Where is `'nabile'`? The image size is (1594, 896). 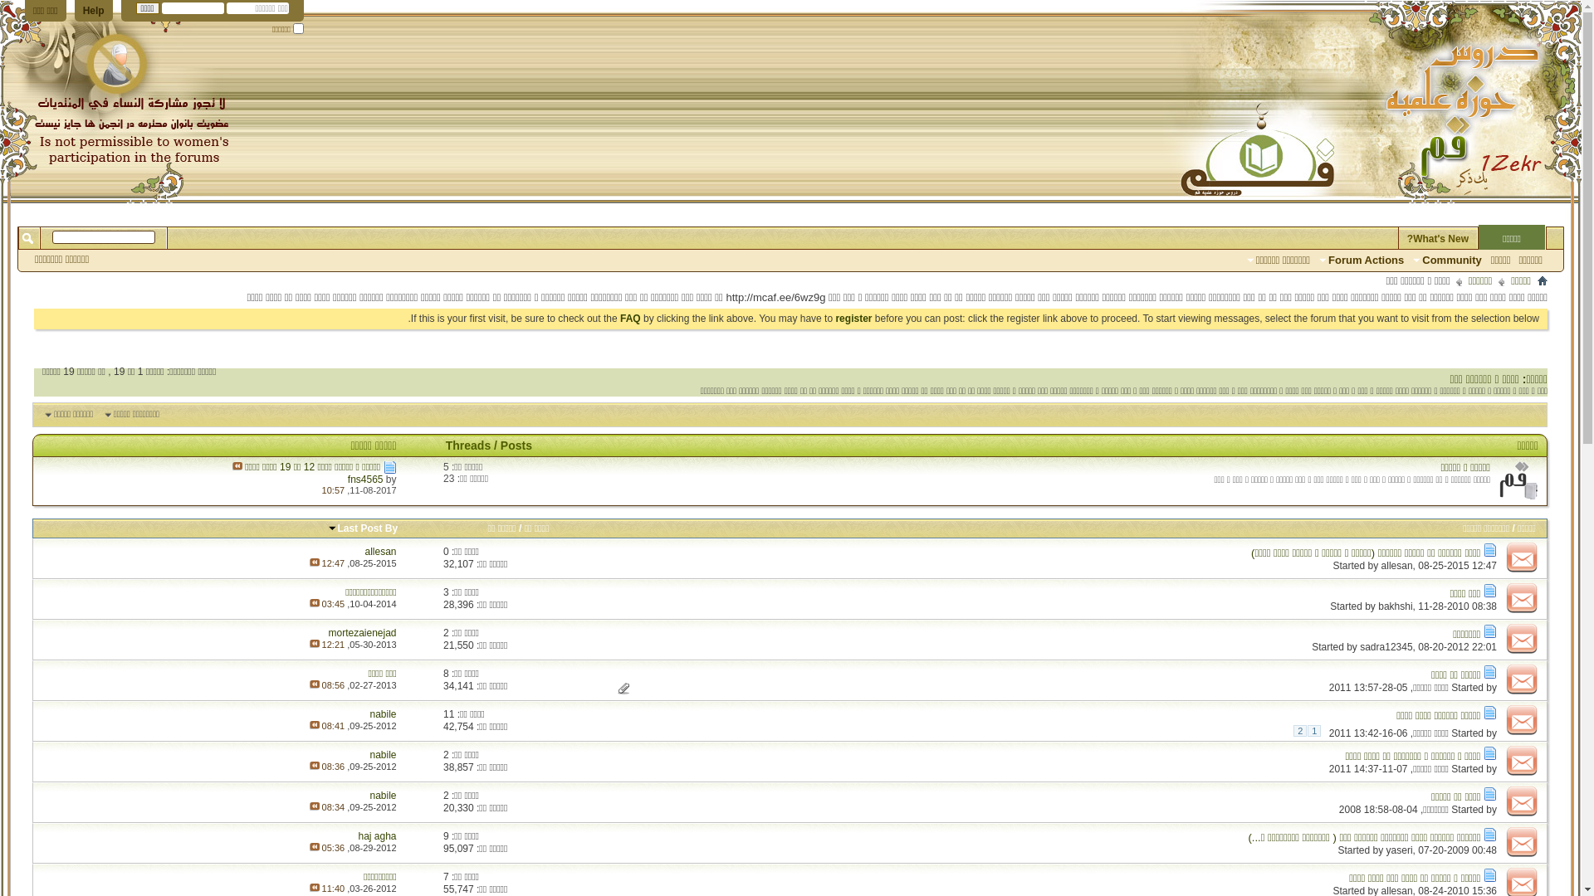 'nabile' is located at coordinates (382, 755).